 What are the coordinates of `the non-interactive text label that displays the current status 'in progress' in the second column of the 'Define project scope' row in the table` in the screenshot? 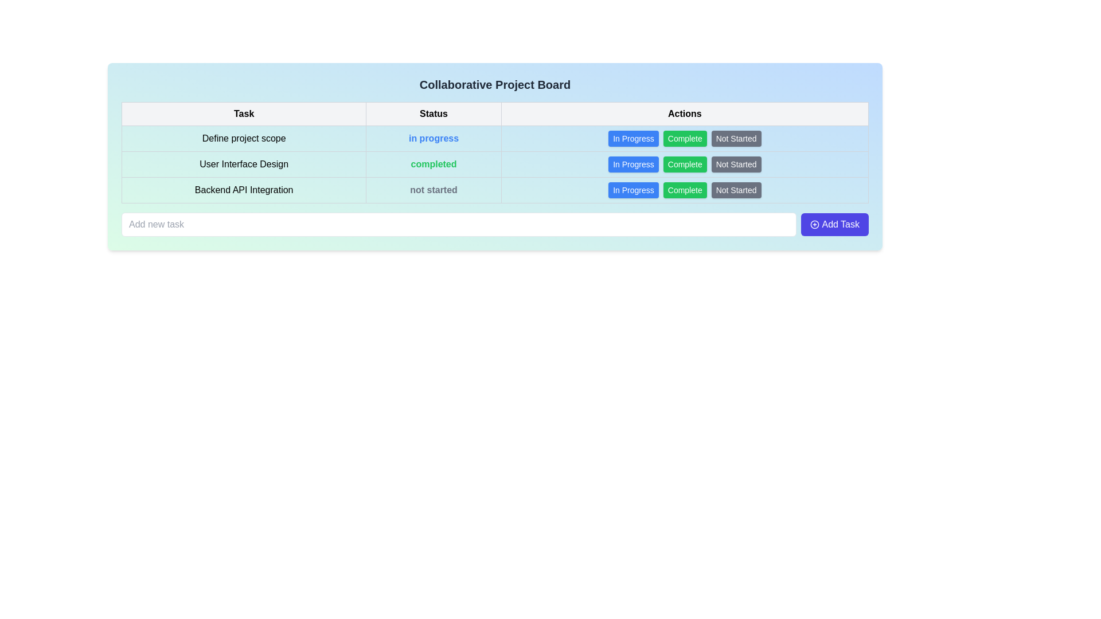 It's located at (433, 138).